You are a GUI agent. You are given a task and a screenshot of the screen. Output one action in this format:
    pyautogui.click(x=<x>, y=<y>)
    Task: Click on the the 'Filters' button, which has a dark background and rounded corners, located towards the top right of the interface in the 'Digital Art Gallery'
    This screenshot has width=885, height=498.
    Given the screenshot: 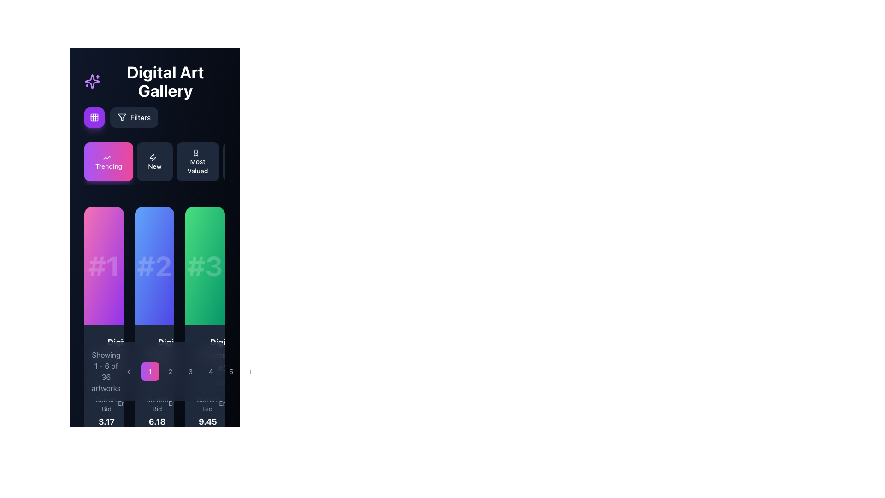 What is the action you would take?
    pyautogui.click(x=121, y=117)
    